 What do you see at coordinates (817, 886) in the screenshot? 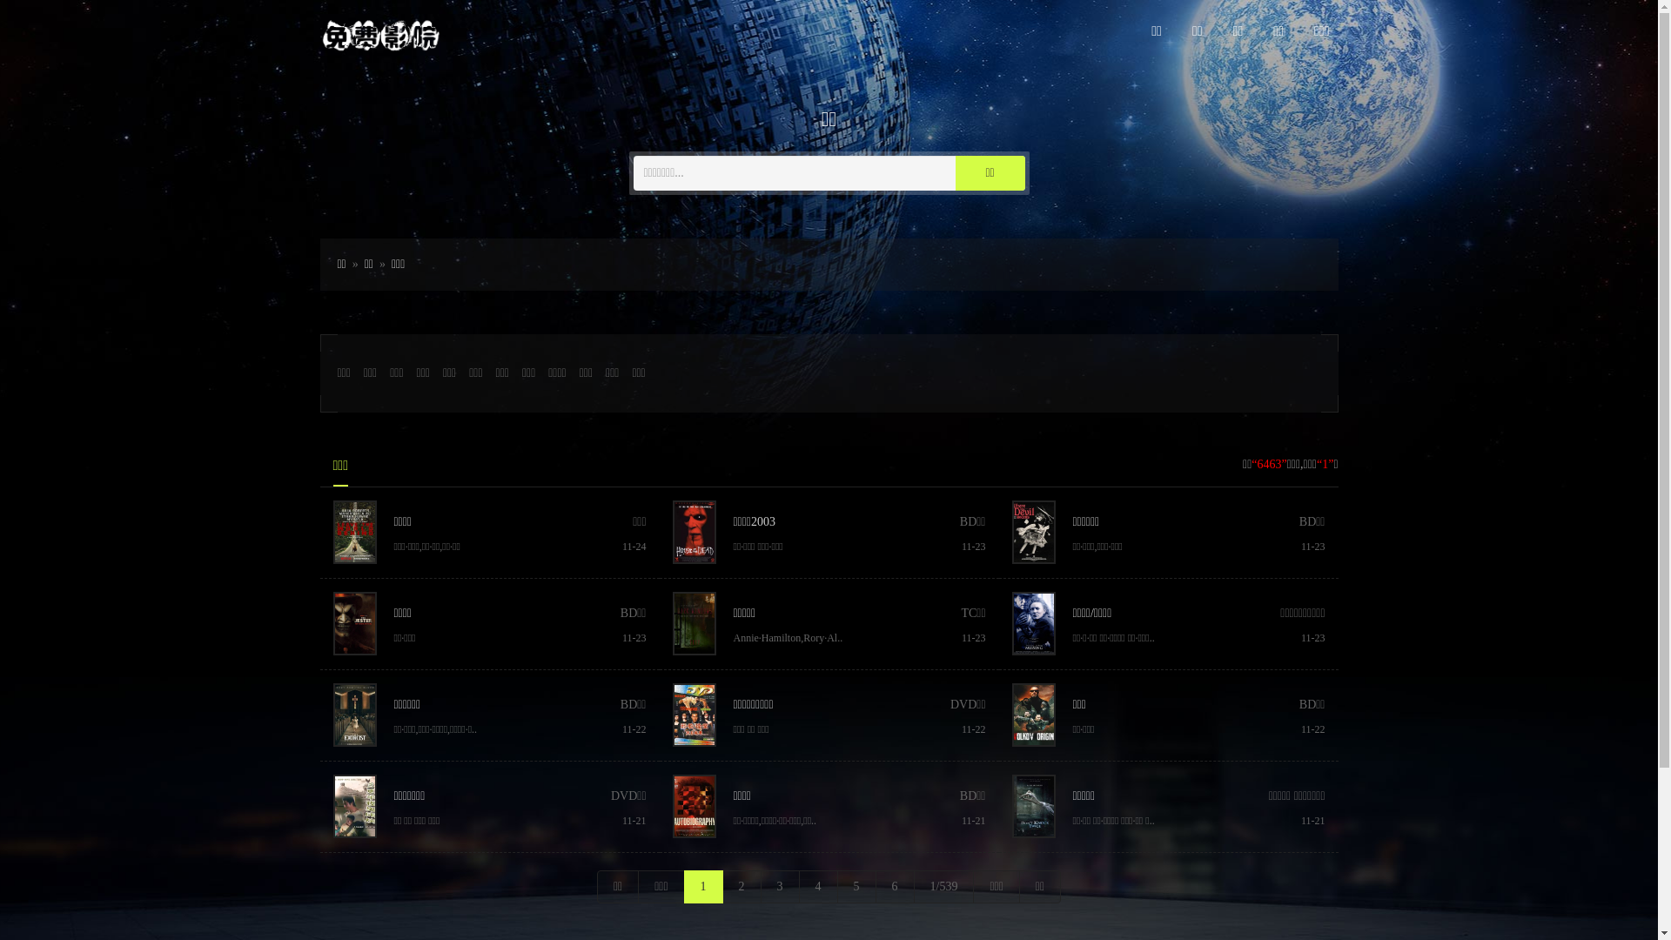
I see `'4'` at bounding box center [817, 886].